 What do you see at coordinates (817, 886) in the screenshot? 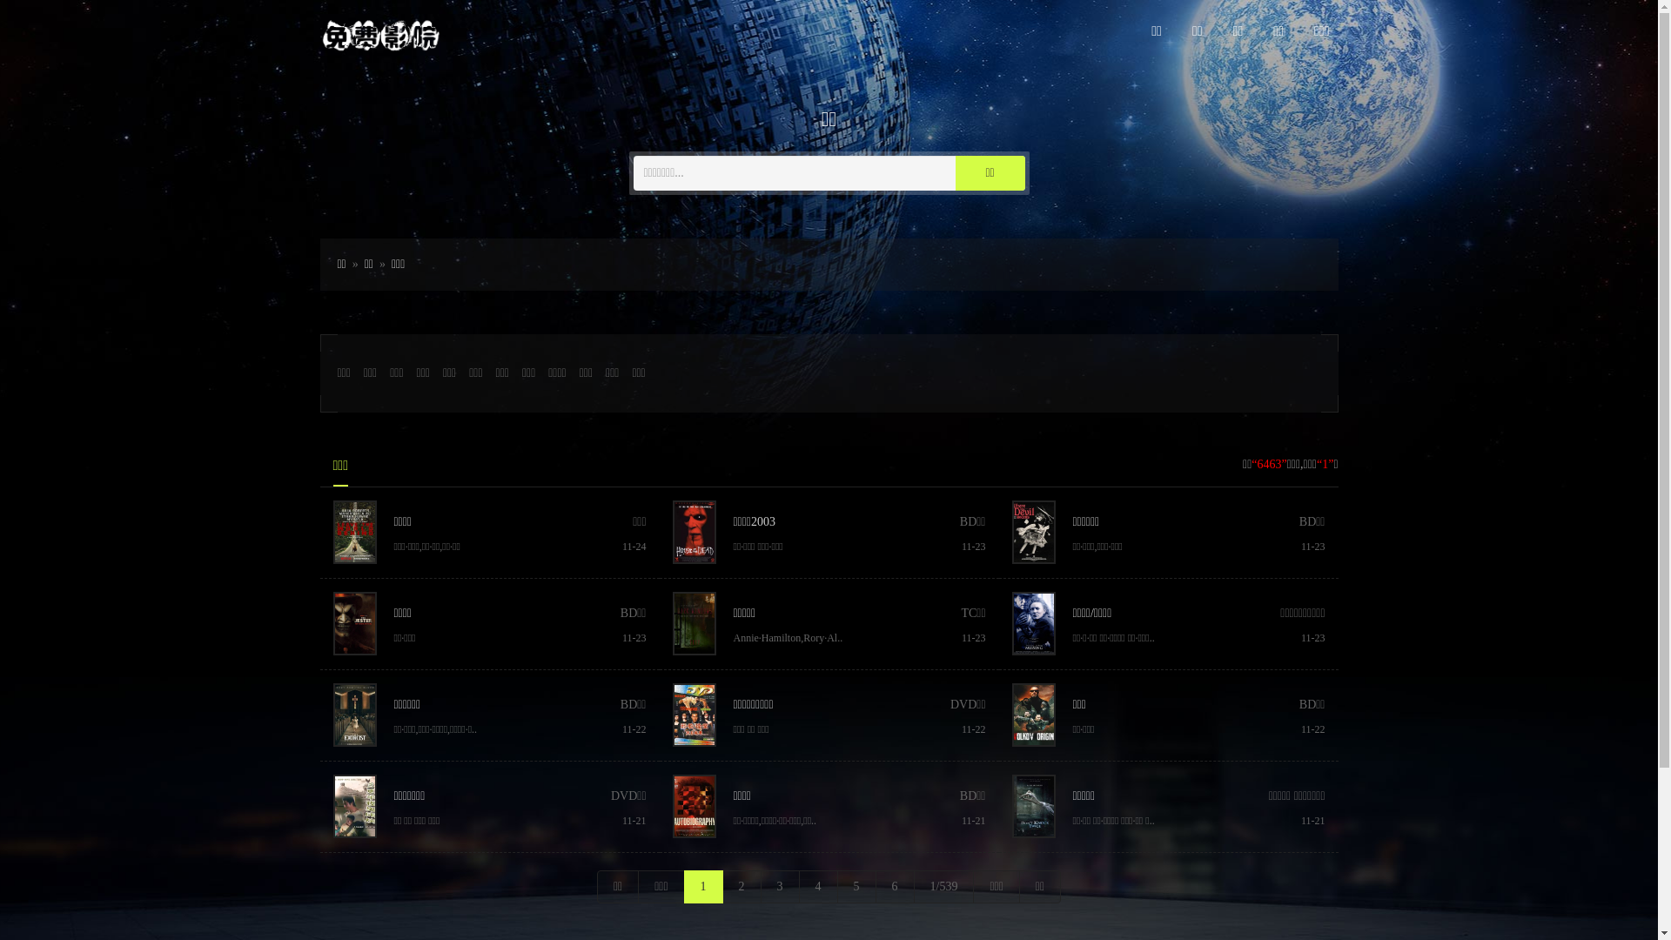
I see `'4'` at bounding box center [817, 886].